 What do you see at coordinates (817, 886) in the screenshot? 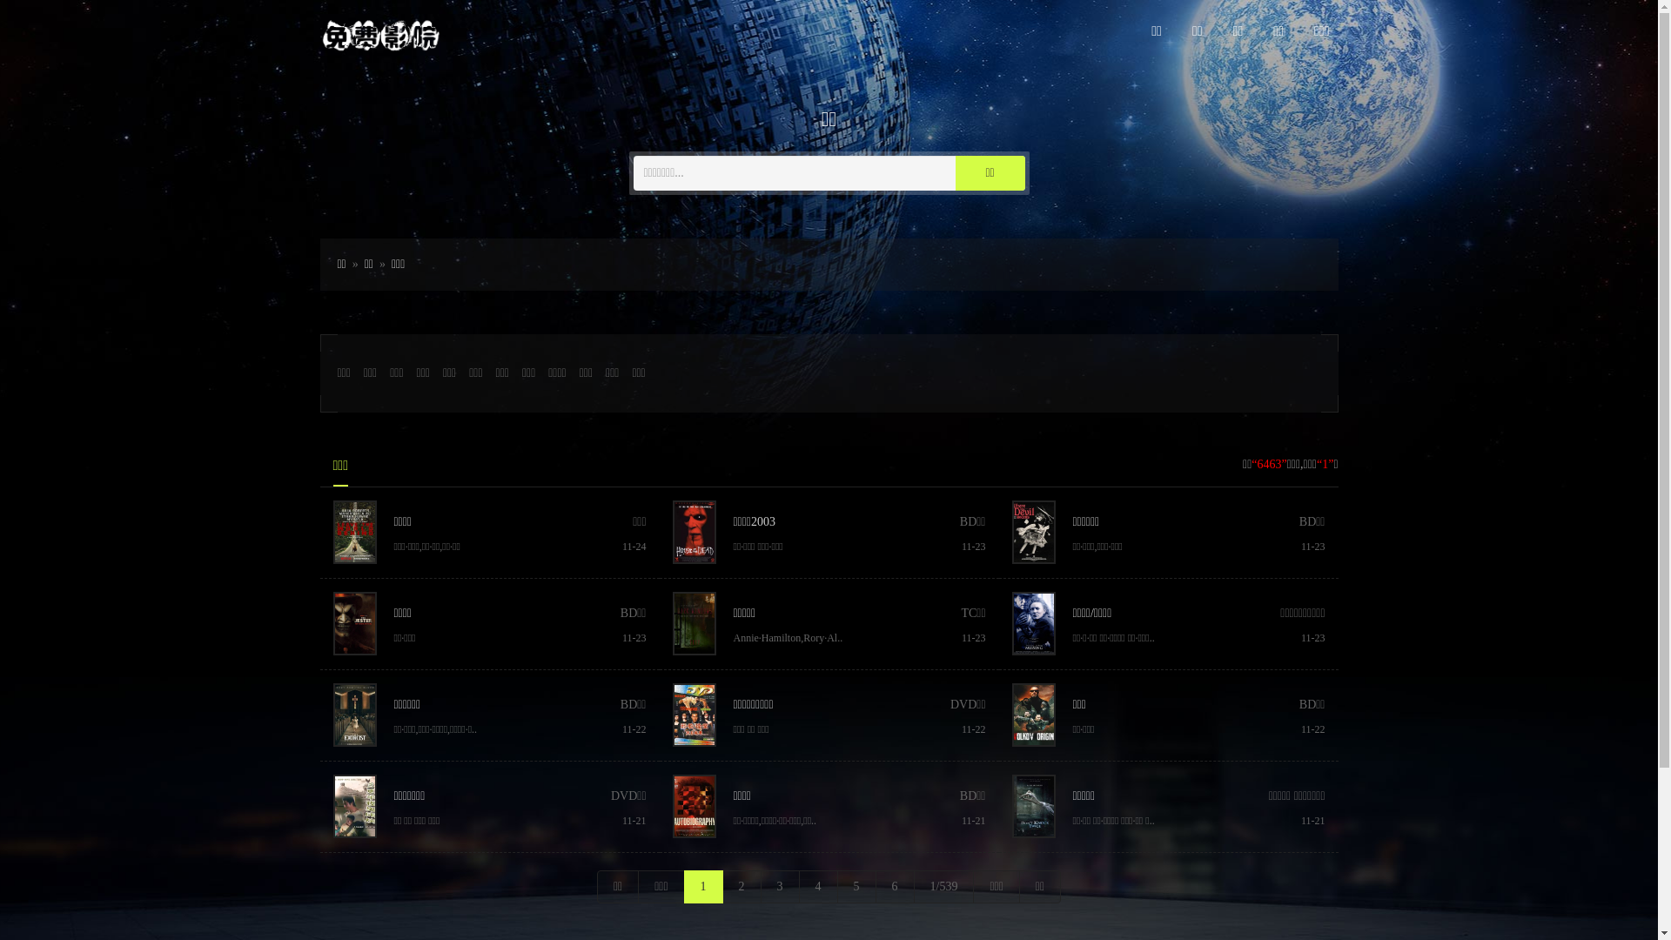
I see `'4'` at bounding box center [817, 886].